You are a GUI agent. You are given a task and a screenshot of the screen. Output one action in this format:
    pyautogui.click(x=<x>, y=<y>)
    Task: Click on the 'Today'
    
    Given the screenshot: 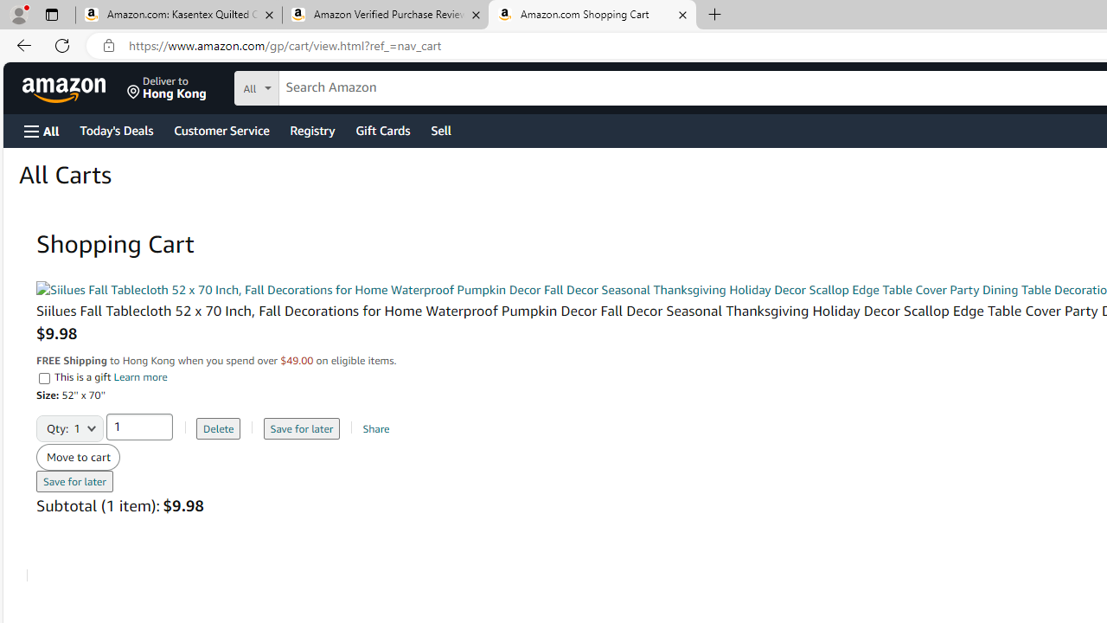 What is the action you would take?
    pyautogui.click(x=115, y=129)
    